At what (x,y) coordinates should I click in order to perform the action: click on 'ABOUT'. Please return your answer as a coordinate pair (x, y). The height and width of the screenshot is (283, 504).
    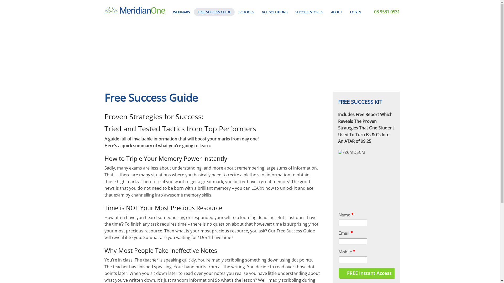
    Looking at the image, I should click on (336, 12).